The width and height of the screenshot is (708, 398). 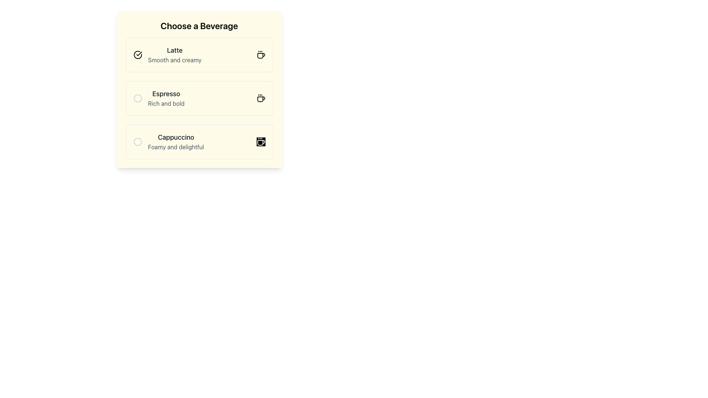 I want to click on the black coffee cup icon with a white outline and handle, located at the rightmost side of the list item describing 'Cappuccino', which is the third item under 'Choose a Beverage', so click(x=261, y=142).